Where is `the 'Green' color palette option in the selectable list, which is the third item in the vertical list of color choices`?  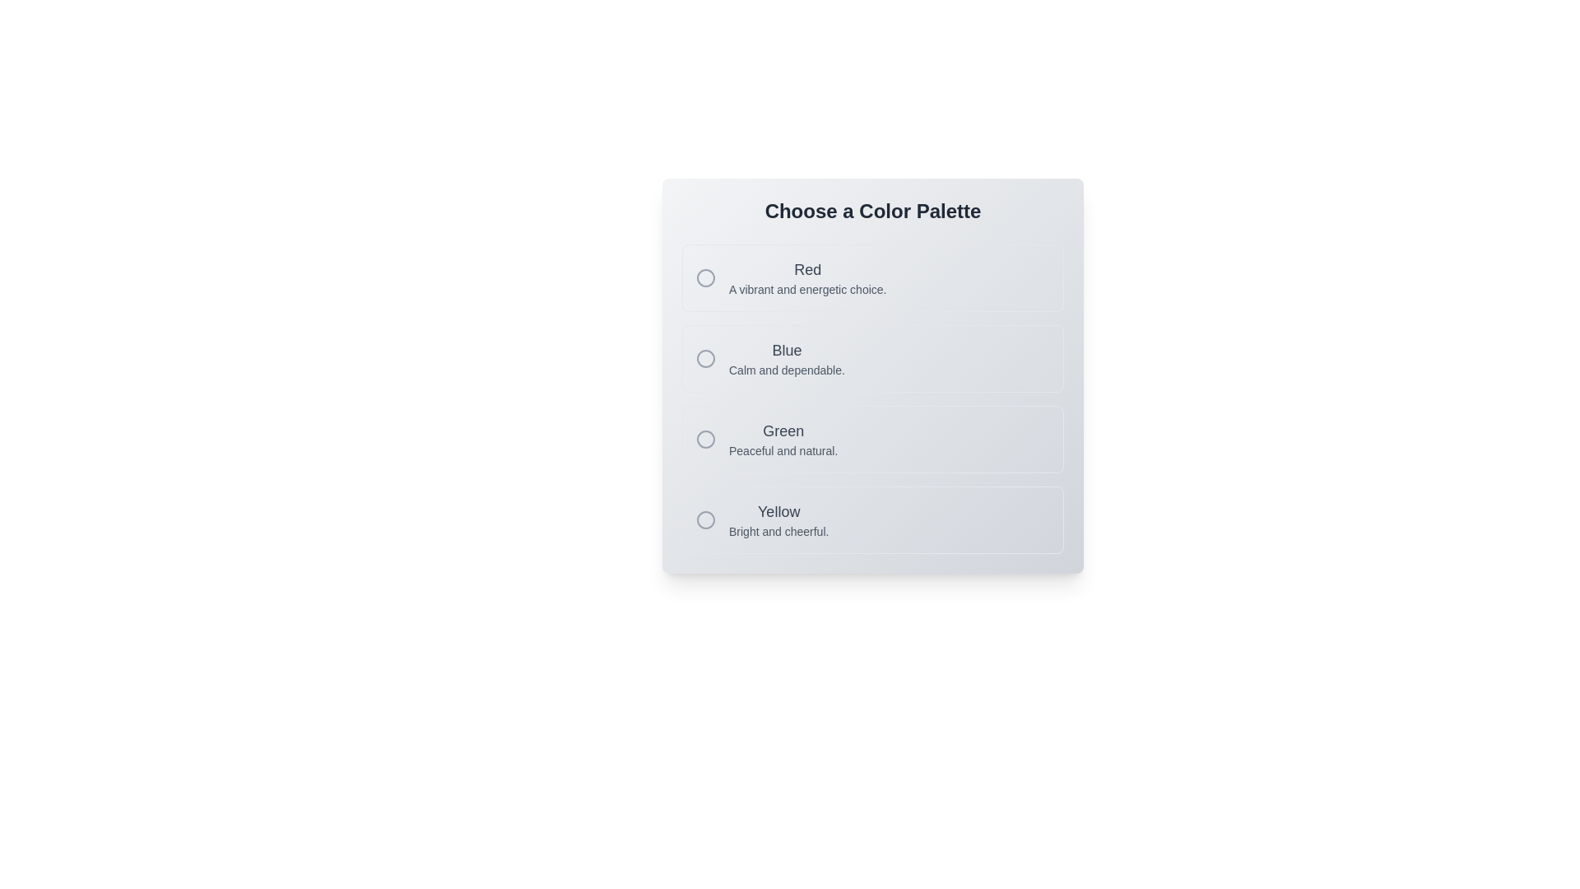
the 'Green' color palette option in the selectable list, which is the third item in the vertical list of color choices is located at coordinates (871, 438).